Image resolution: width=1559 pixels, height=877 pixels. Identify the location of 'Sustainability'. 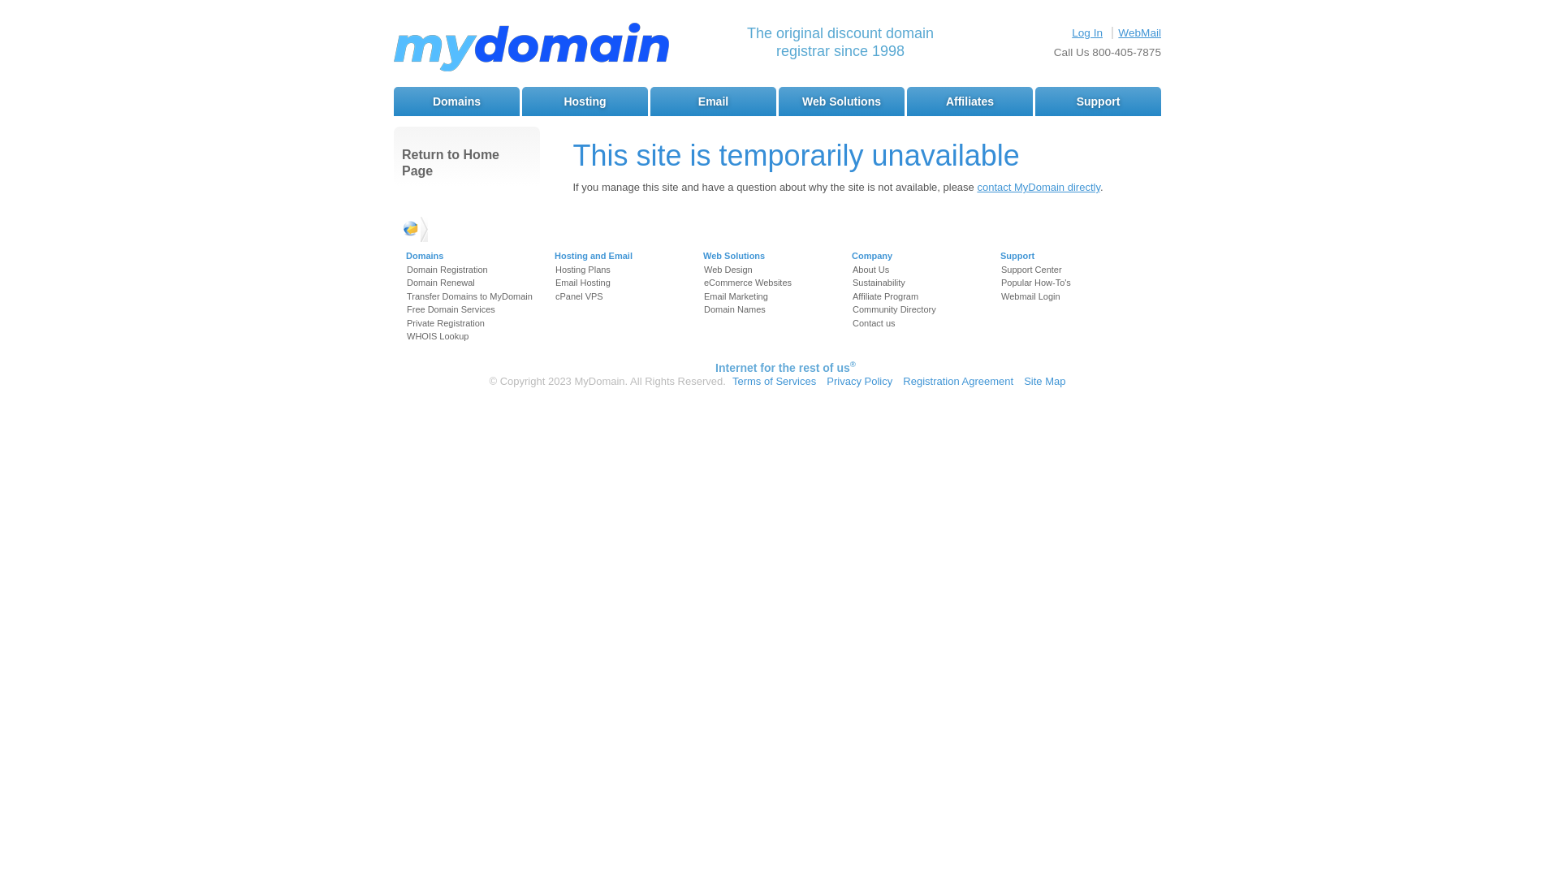
(878, 281).